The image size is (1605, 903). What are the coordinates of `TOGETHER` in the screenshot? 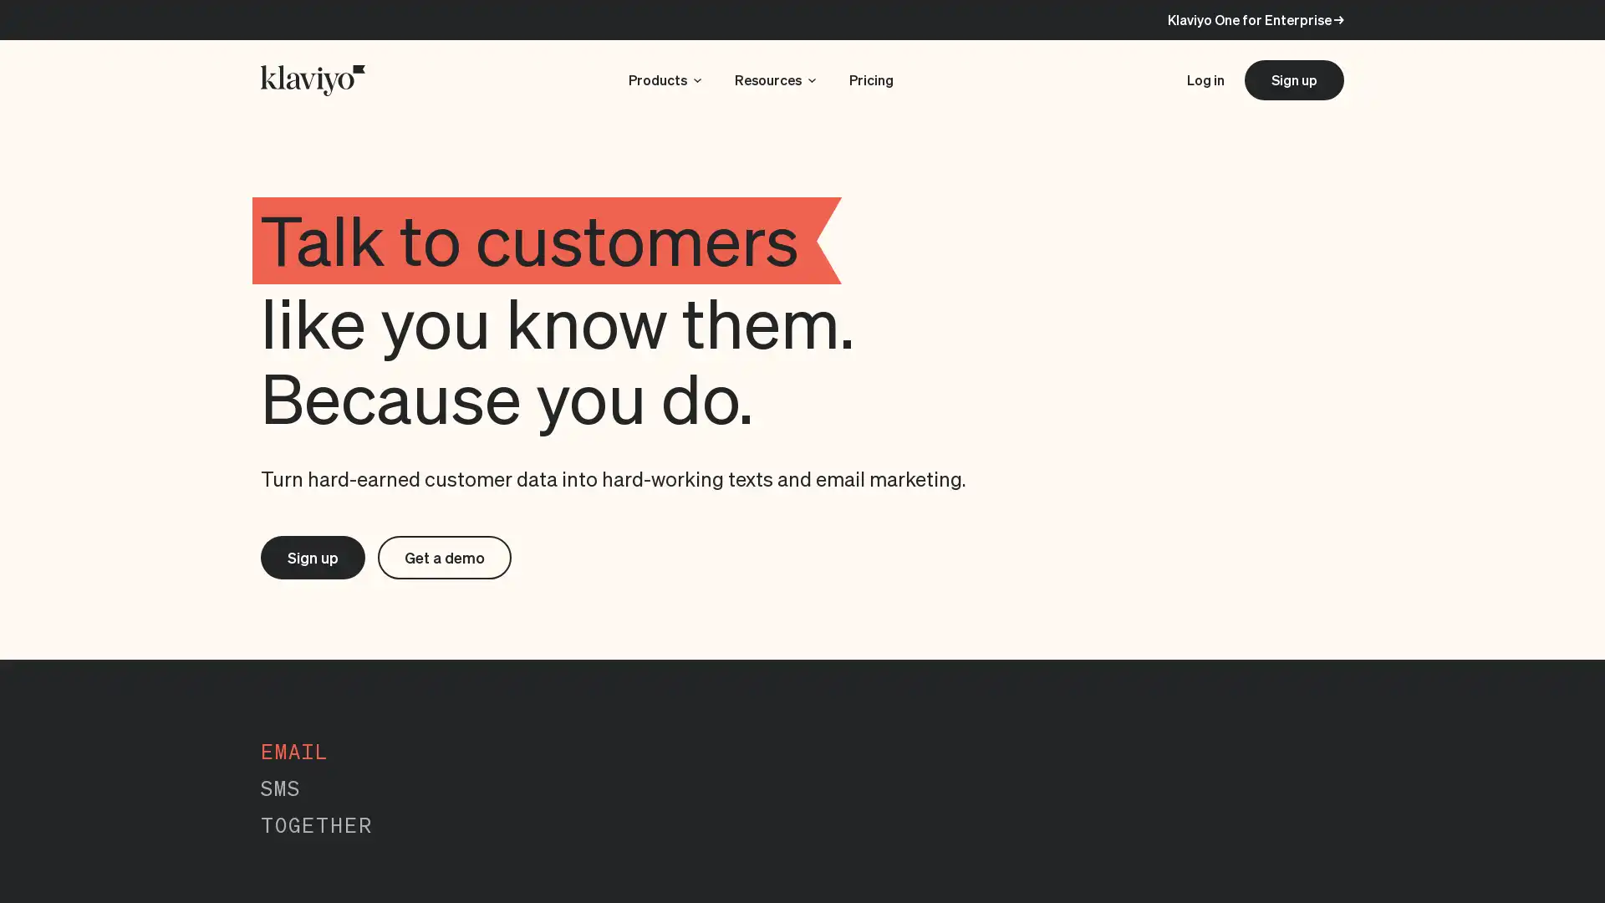 It's located at (317, 829).